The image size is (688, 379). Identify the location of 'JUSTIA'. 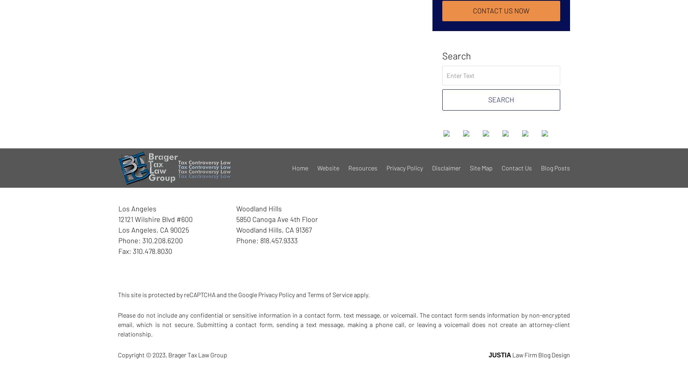
(499, 355).